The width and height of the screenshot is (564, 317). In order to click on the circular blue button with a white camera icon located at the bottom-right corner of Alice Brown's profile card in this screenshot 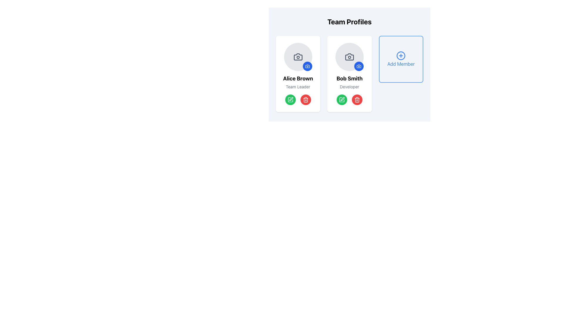, I will do `click(307, 66)`.